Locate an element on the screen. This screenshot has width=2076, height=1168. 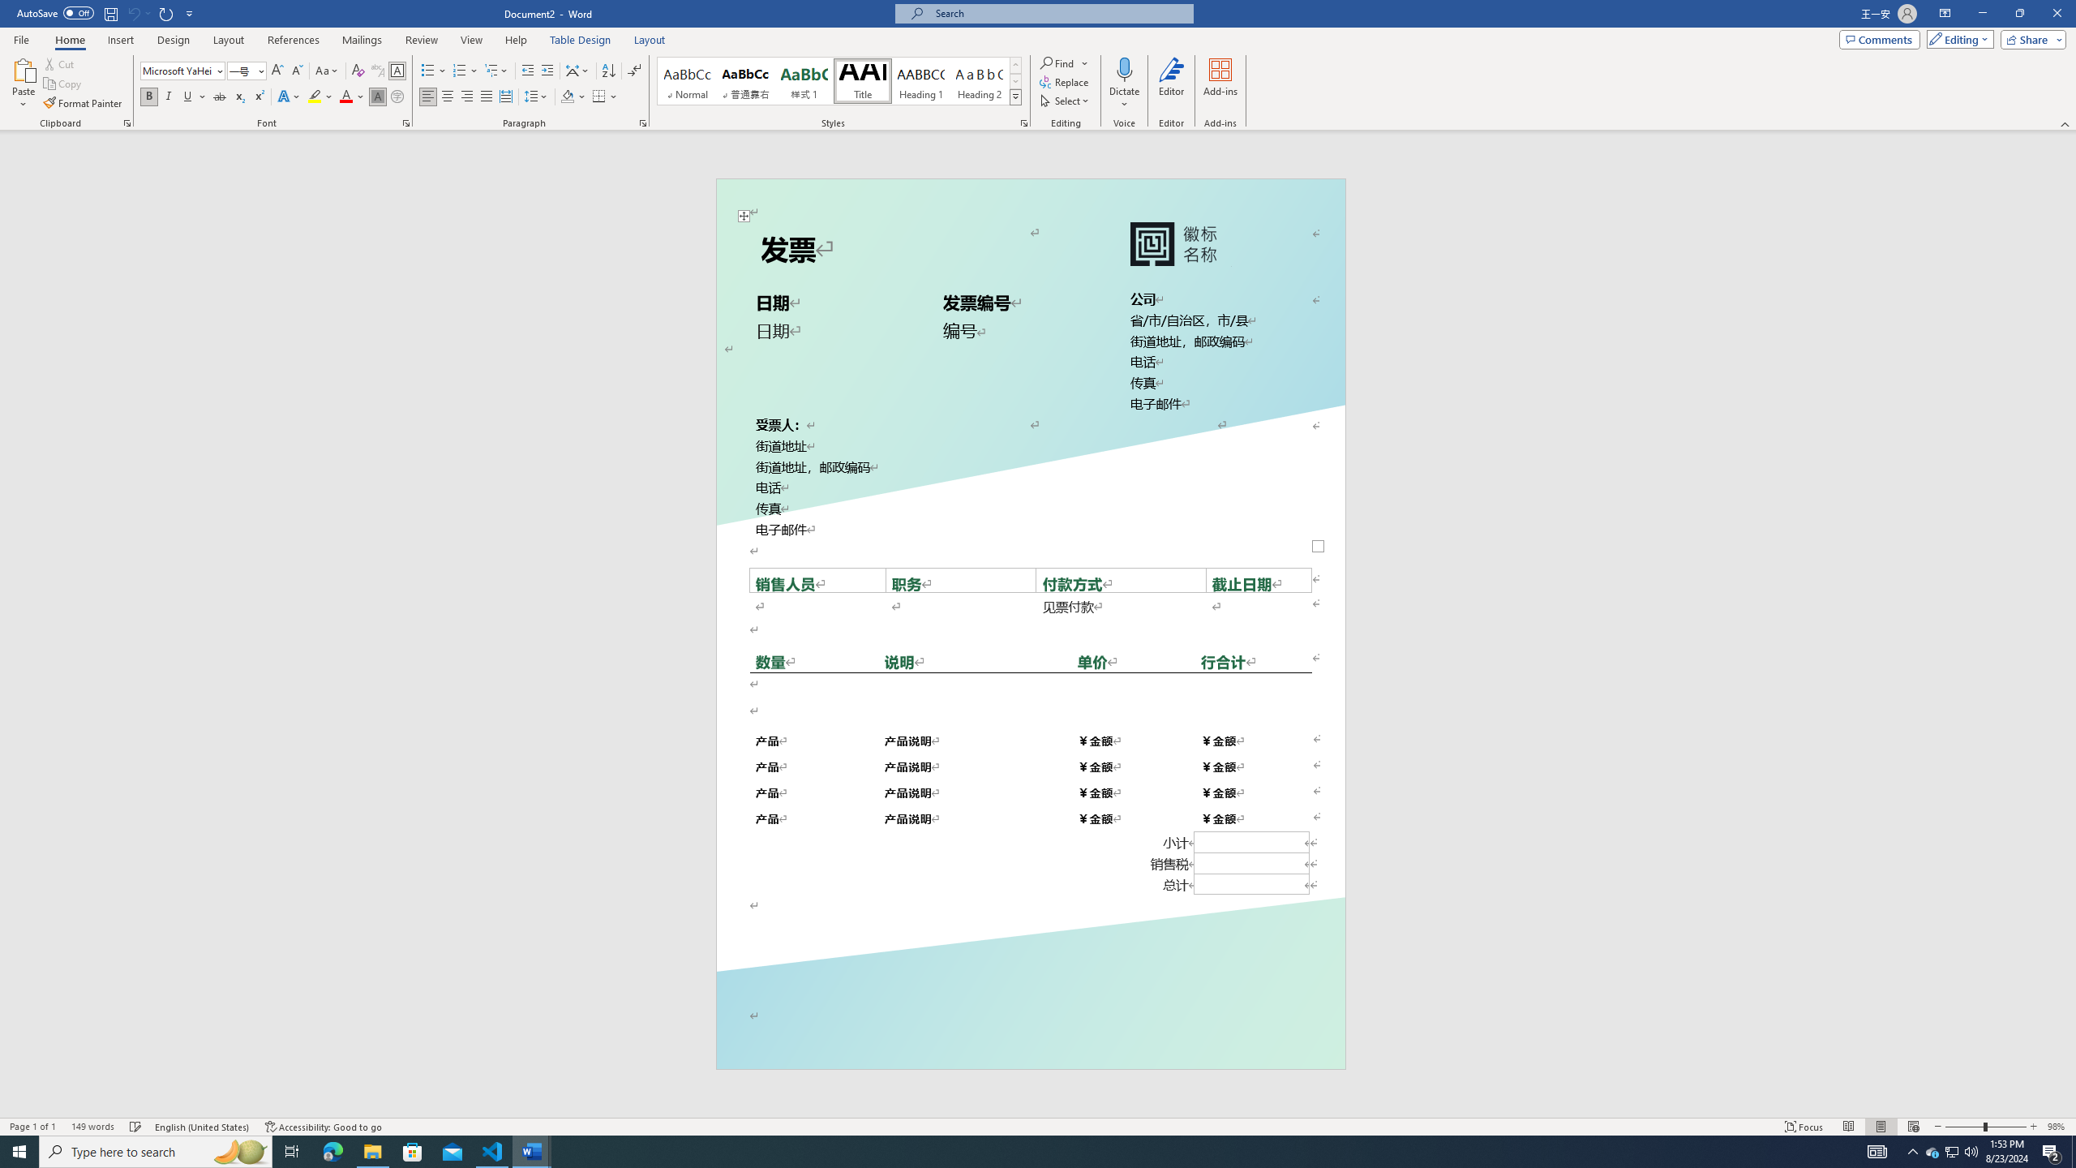
'Replace...' is located at coordinates (1065, 80).